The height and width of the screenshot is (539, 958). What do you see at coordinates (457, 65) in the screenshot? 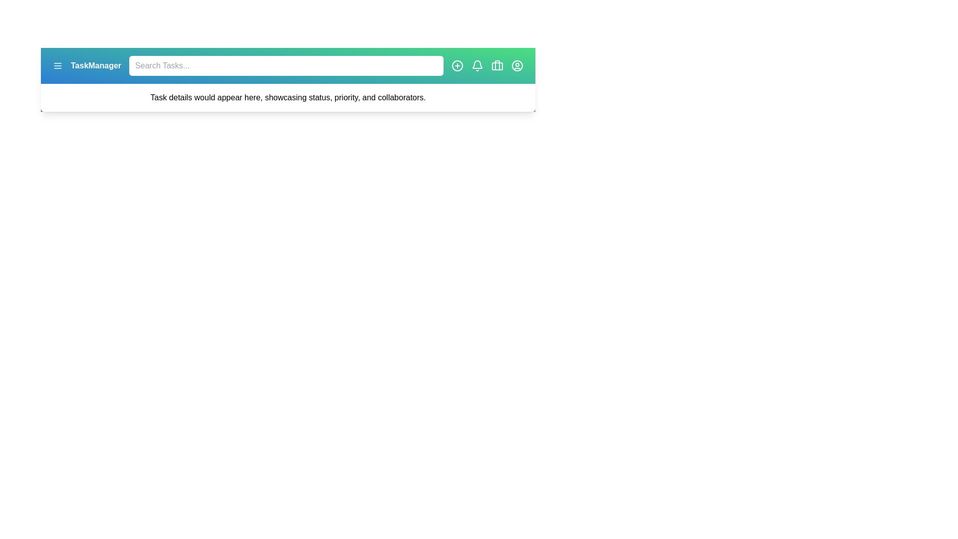
I see `'add task' button` at bounding box center [457, 65].